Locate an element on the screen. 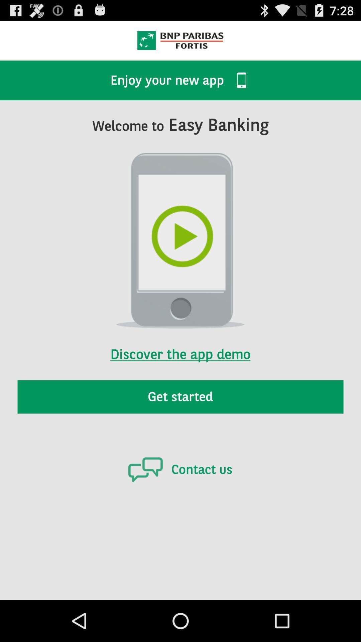 Image resolution: width=361 pixels, height=642 pixels. the contact us icon is located at coordinates (180, 469).